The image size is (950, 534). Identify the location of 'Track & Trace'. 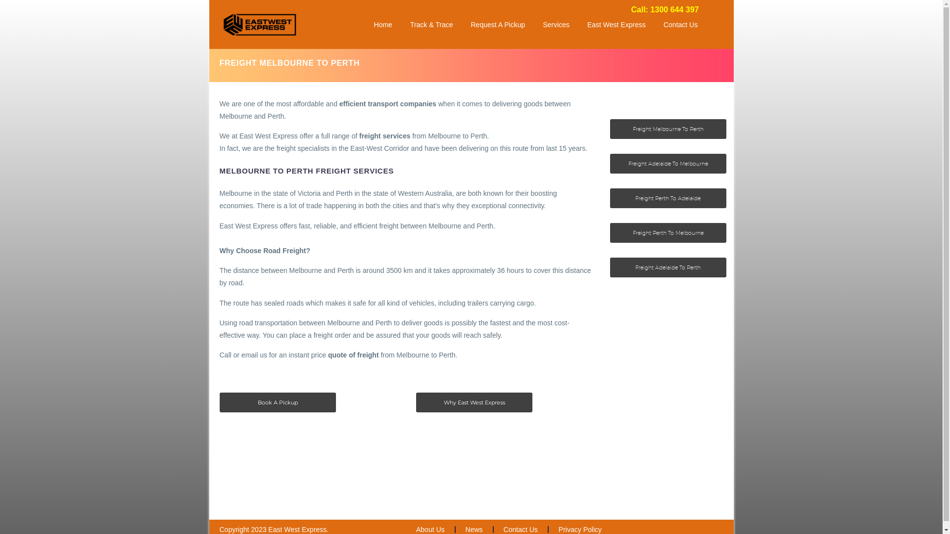
(431, 24).